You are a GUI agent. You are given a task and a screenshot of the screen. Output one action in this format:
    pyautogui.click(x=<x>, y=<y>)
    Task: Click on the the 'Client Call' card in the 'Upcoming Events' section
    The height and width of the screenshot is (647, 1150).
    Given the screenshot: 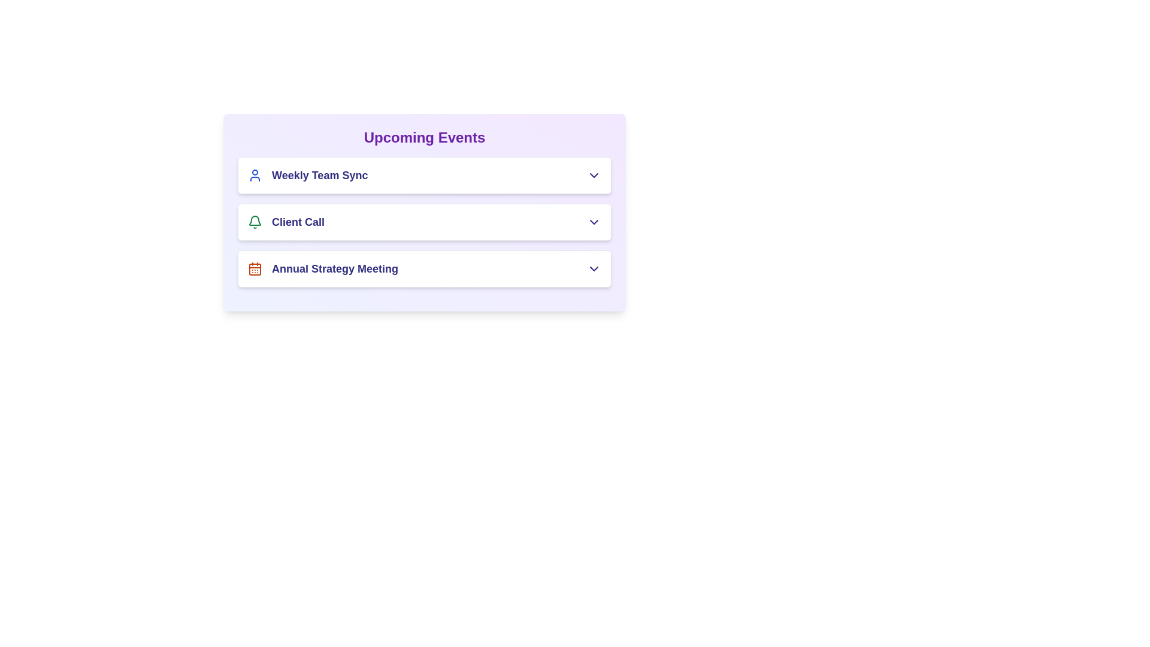 What is the action you would take?
    pyautogui.click(x=425, y=222)
    